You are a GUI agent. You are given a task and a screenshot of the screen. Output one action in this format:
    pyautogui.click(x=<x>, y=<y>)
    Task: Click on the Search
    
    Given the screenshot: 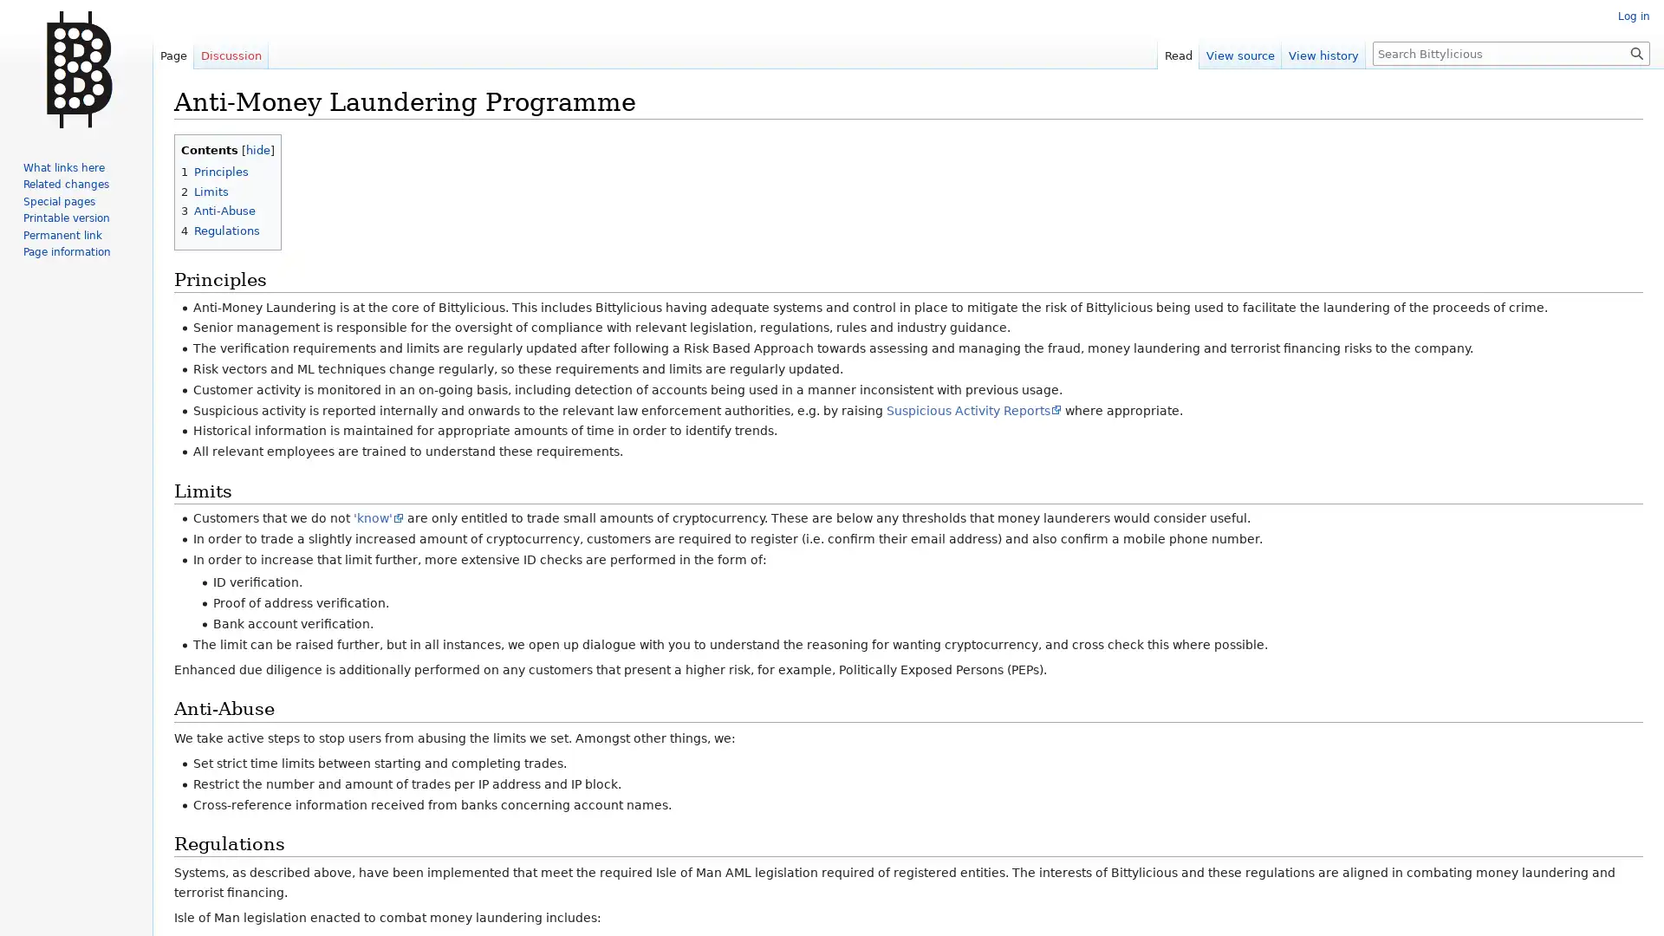 What is the action you would take?
    pyautogui.click(x=1636, y=52)
    